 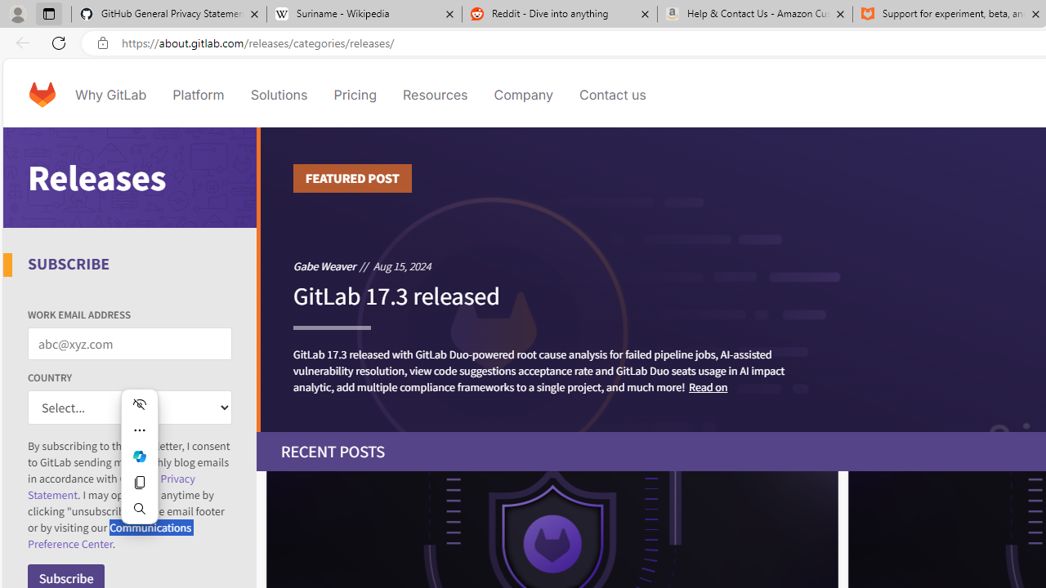 What do you see at coordinates (396, 303) in the screenshot?
I see `'GitLab 17.3 released'` at bounding box center [396, 303].